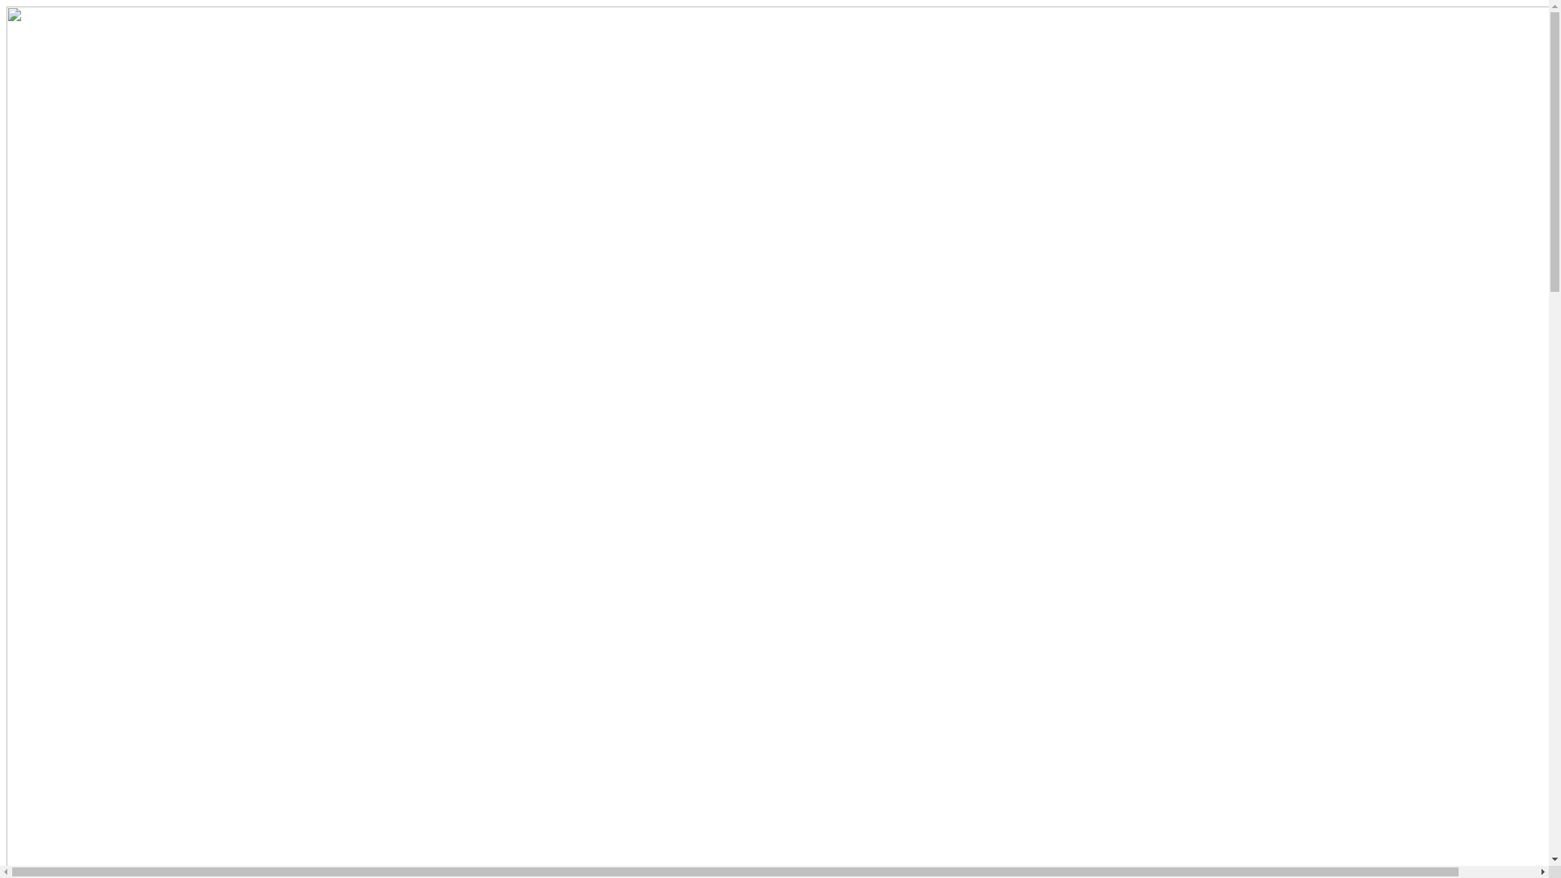  What do you see at coordinates (6, 6) in the screenshot?
I see `'Skip to content'` at bounding box center [6, 6].